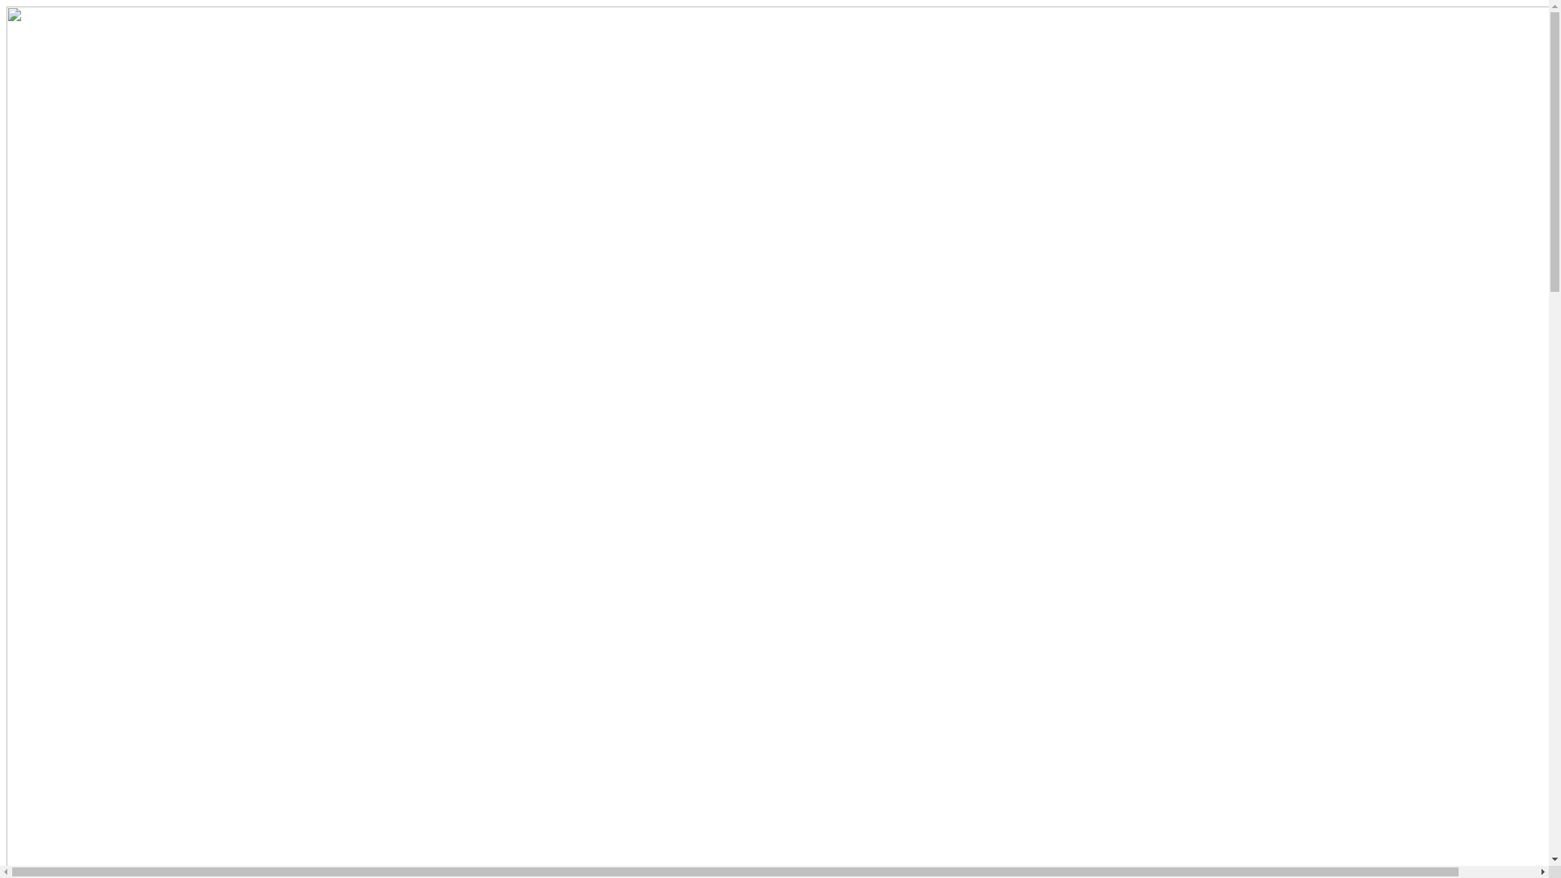  What do you see at coordinates (6, 6) in the screenshot?
I see `'Skip to content'` at bounding box center [6, 6].